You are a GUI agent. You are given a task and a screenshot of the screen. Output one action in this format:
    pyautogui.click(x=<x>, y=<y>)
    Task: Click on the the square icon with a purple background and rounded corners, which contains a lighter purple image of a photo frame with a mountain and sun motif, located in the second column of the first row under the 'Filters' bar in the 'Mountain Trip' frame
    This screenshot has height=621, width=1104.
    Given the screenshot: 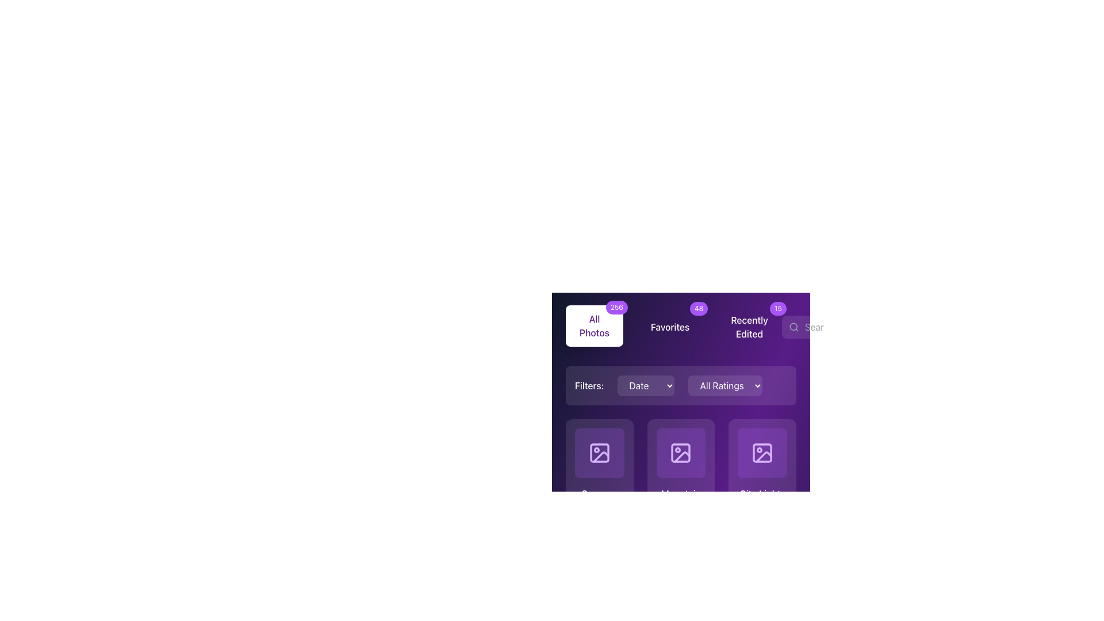 What is the action you would take?
    pyautogui.click(x=681, y=452)
    